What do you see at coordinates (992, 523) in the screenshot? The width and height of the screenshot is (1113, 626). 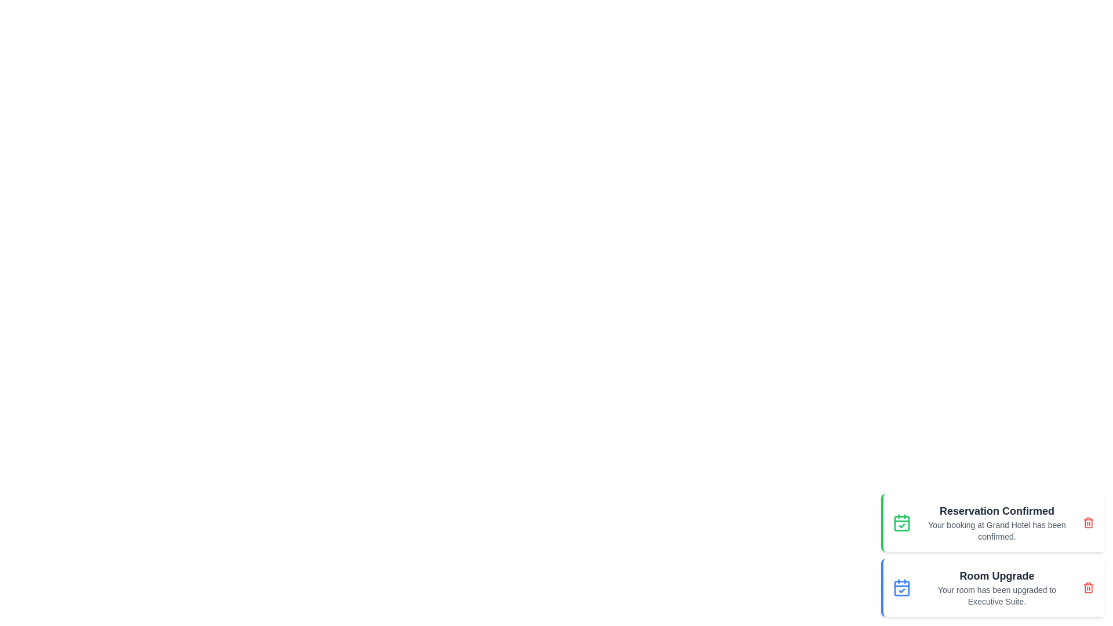 I see `the notification to observe the scaling effect` at bounding box center [992, 523].